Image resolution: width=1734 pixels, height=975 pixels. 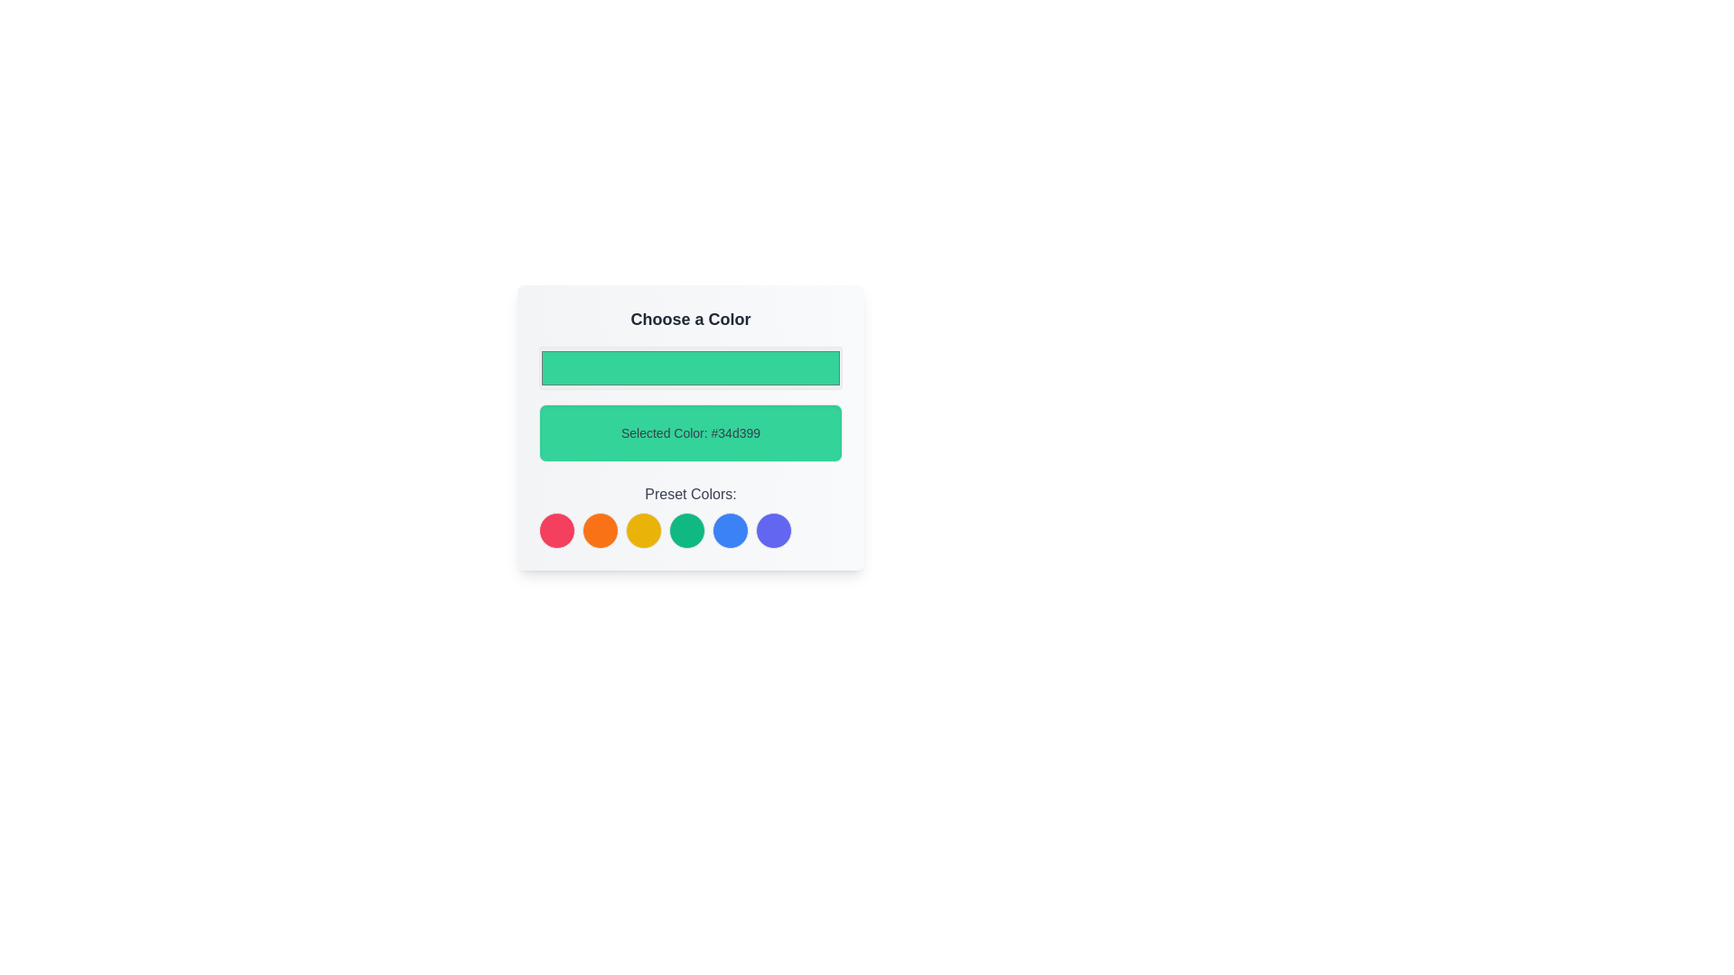 What do you see at coordinates (689, 494) in the screenshot?
I see `the text label that says 'Preset Colors:', which is styled with medium font weight and gray color, positioned above the circular color options` at bounding box center [689, 494].